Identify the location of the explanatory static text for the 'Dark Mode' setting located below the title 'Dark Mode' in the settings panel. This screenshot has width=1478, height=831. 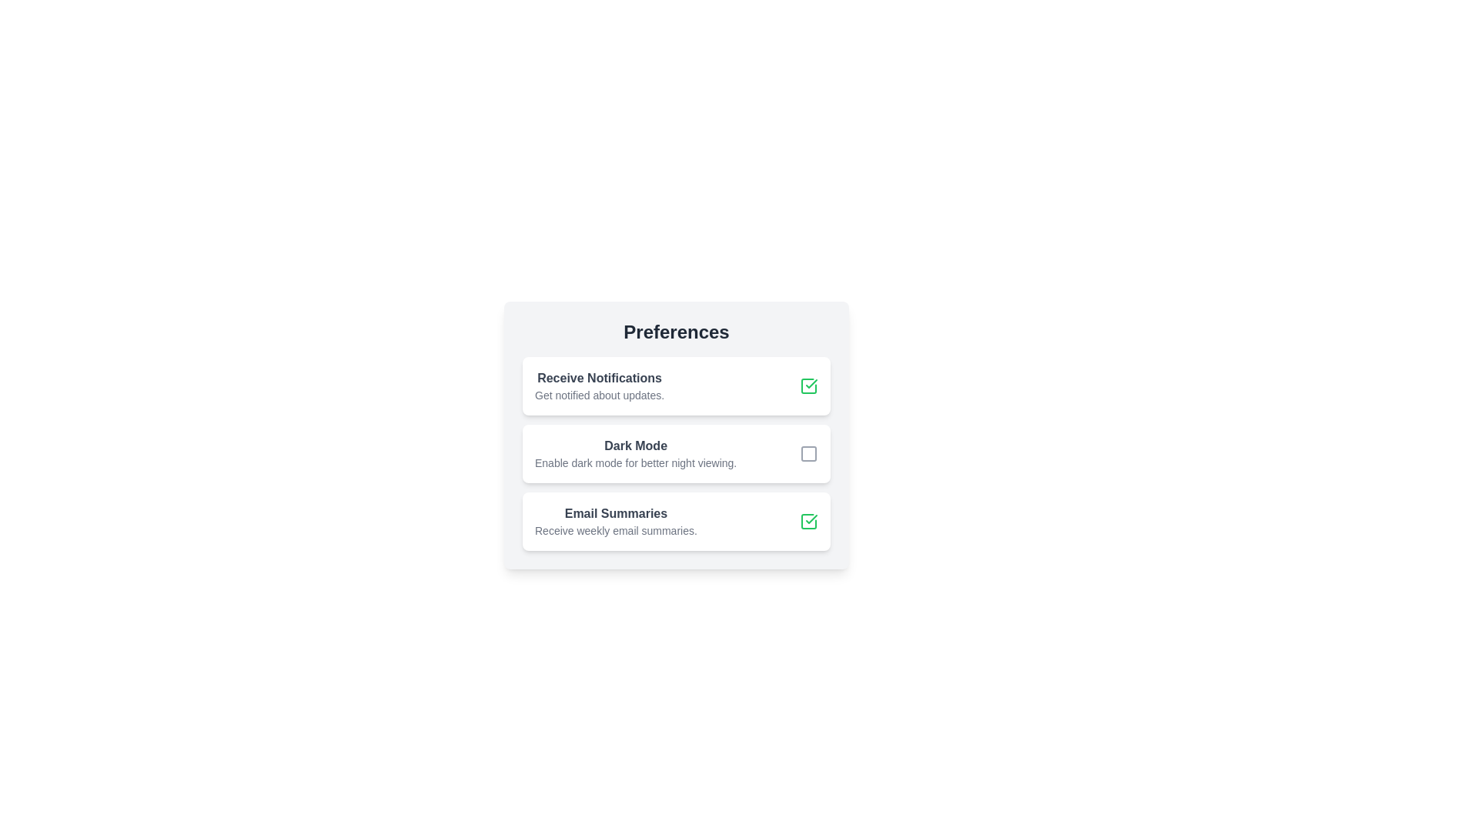
(636, 462).